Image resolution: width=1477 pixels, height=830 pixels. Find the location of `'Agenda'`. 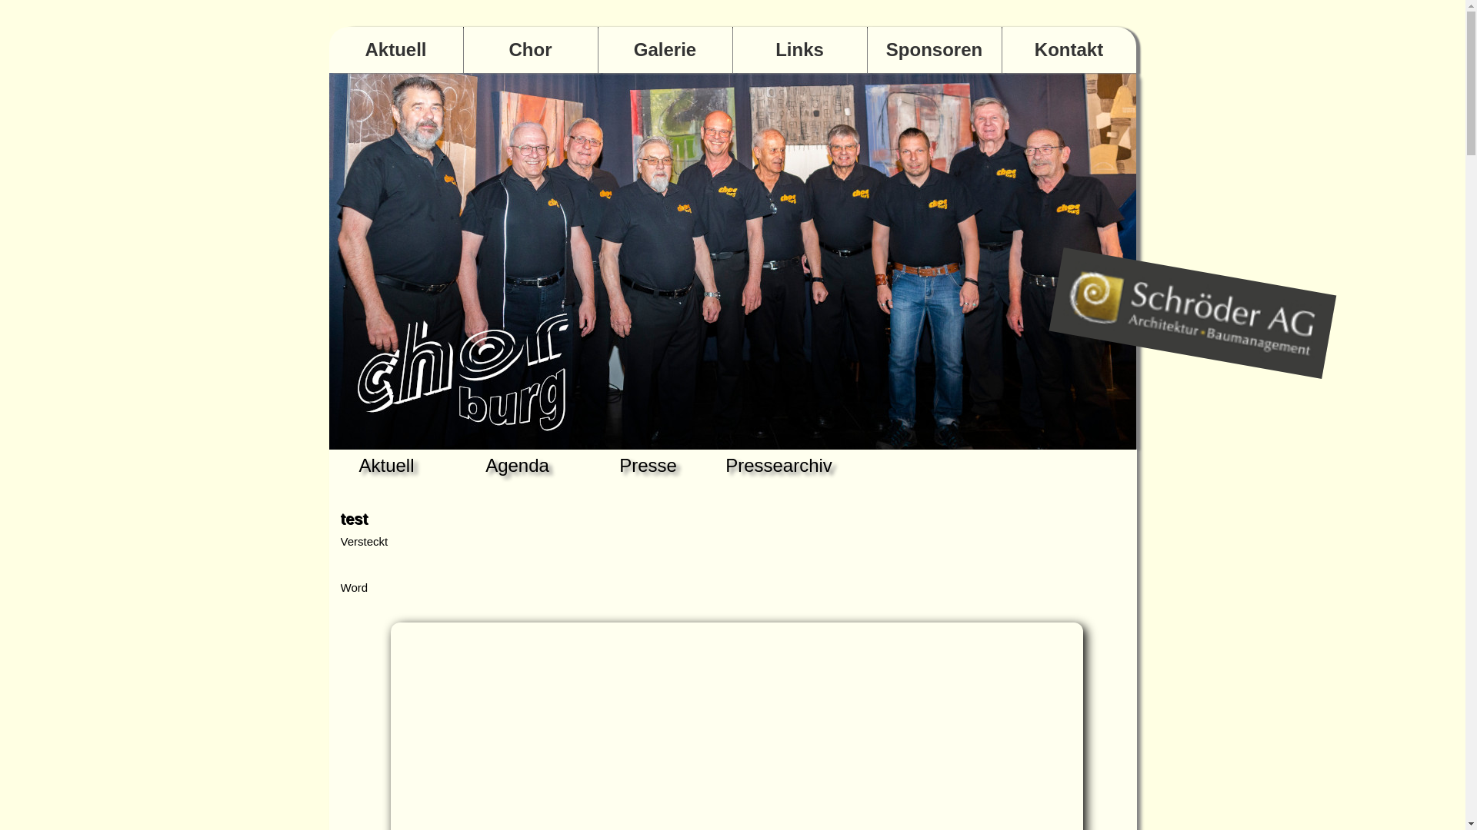

'Agenda' is located at coordinates (517, 464).